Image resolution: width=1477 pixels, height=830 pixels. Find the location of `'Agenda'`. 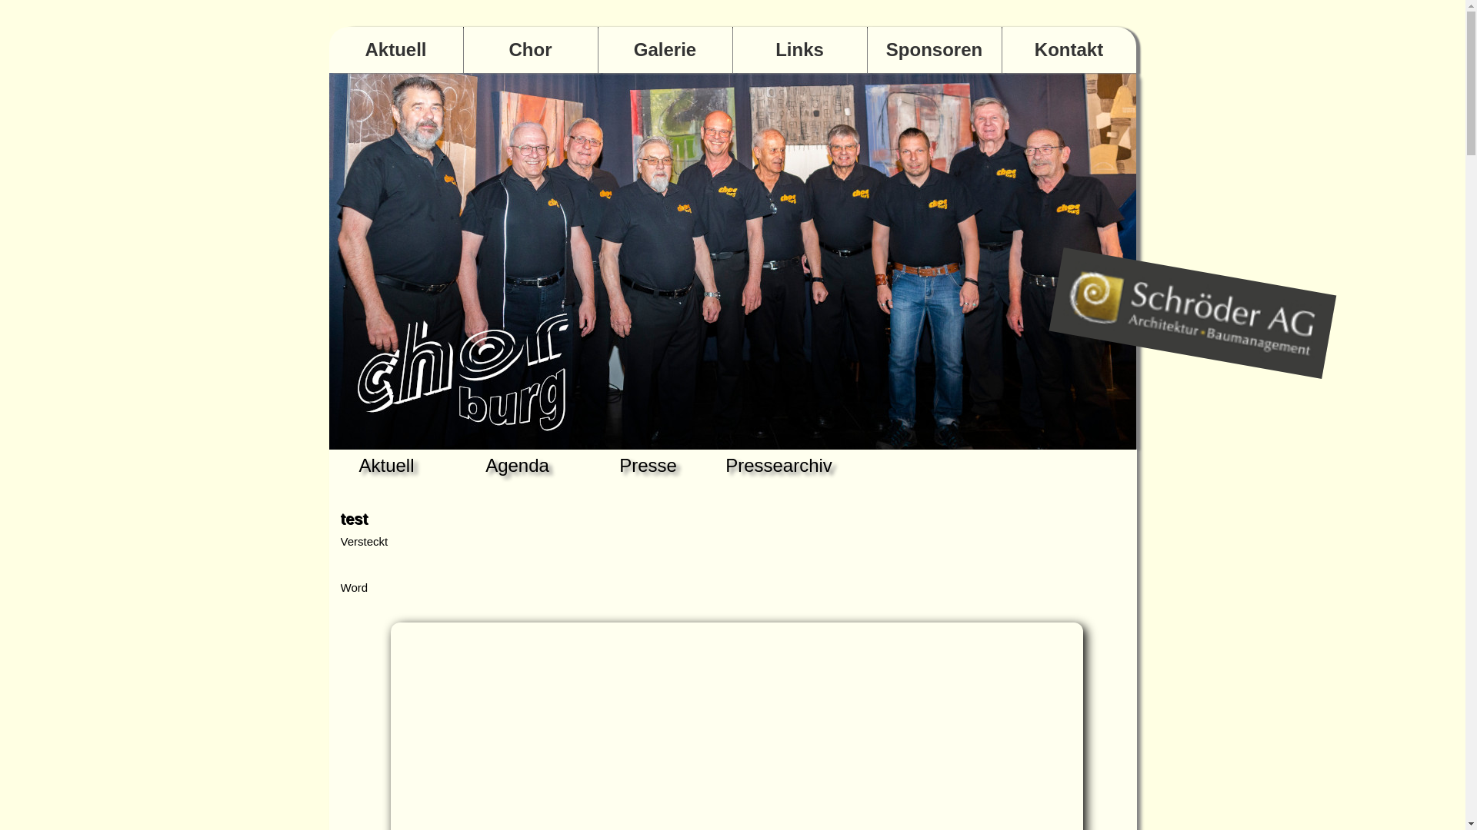

'Agenda' is located at coordinates (517, 464).